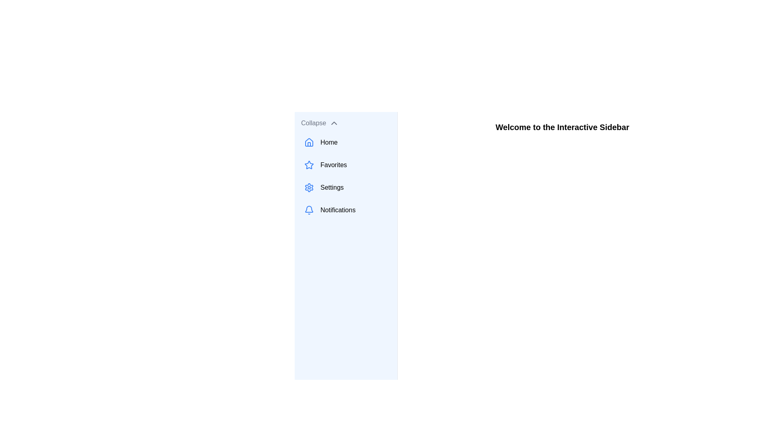 The image size is (773, 435). What do you see at coordinates (346, 123) in the screenshot?
I see `the 'Collapse' button at the top of the vertical navigation sidebar` at bounding box center [346, 123].